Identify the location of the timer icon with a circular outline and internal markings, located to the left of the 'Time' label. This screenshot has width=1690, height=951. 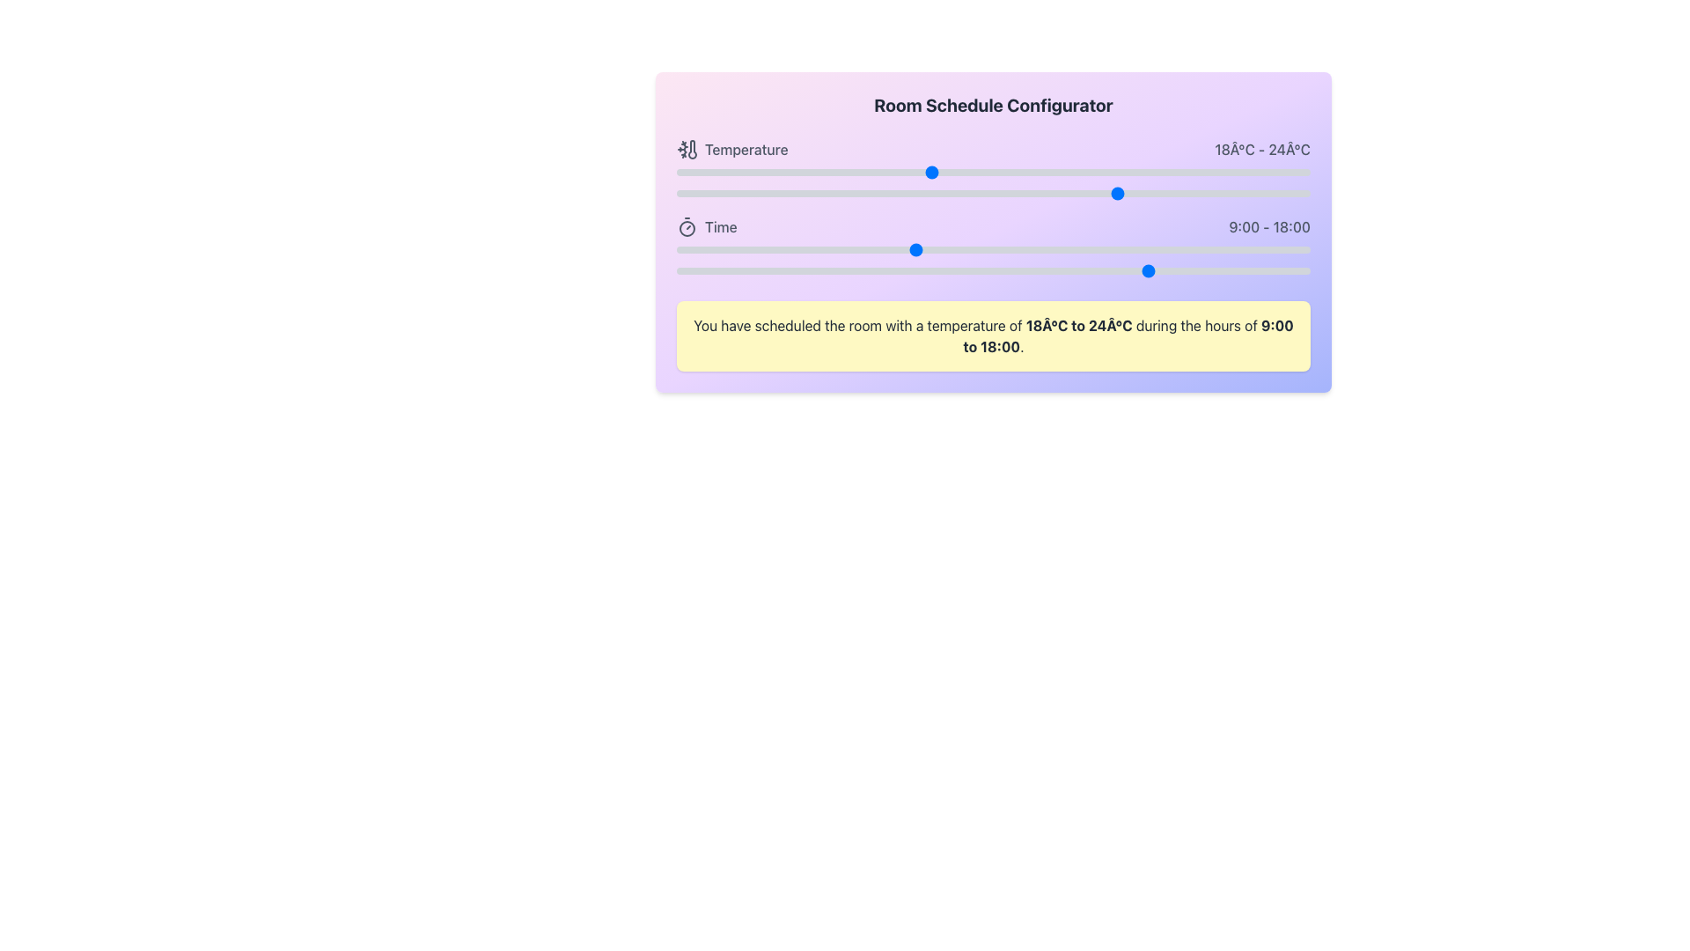
(687, 226).